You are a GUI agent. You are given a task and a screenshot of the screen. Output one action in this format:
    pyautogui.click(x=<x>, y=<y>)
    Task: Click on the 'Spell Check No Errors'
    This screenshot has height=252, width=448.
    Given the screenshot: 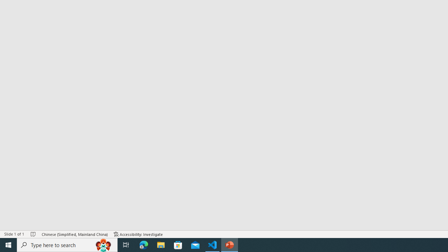 What is the action you would take?
    pyautogui.click(x=33, y=234)
    